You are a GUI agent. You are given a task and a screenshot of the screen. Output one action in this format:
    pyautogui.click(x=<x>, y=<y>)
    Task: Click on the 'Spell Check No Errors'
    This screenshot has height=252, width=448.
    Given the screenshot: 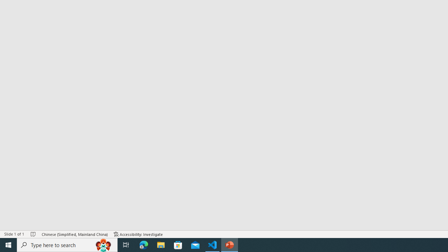 What is the action you would take?
    pyautogui.click(x=33, y=234)
    